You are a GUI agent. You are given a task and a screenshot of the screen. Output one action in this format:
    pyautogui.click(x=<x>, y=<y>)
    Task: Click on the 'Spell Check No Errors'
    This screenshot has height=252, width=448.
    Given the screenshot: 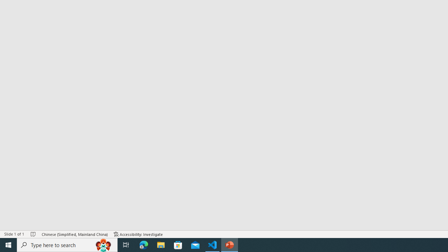 What is the action you would take?
    pyautogui.click(x=33, y=234)
    